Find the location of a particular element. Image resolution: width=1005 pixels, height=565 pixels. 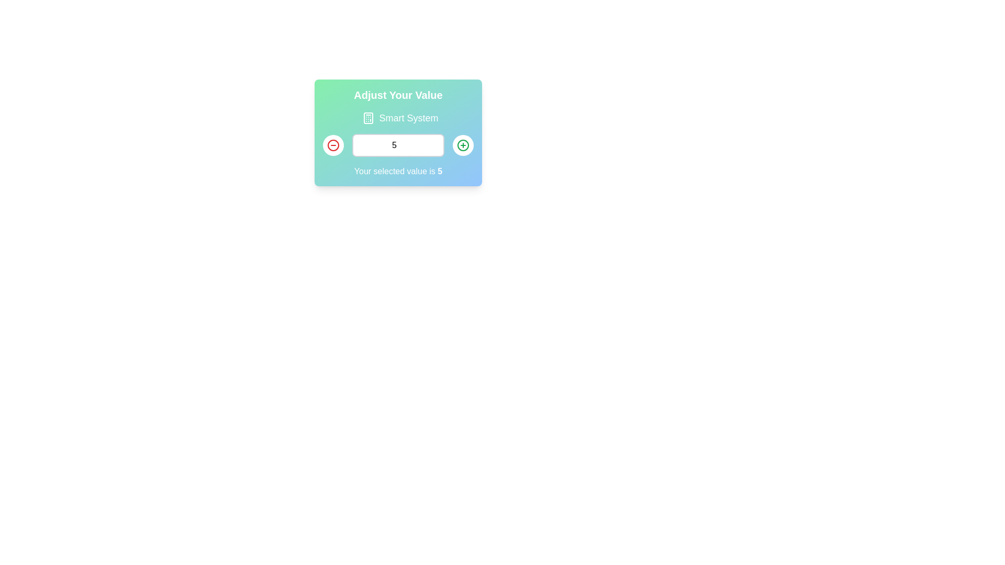

numeric value '5' displayed within the sentence 'Your selected value is 5' located at the bottom of the modal card interface is located at coordinates (440, 171).